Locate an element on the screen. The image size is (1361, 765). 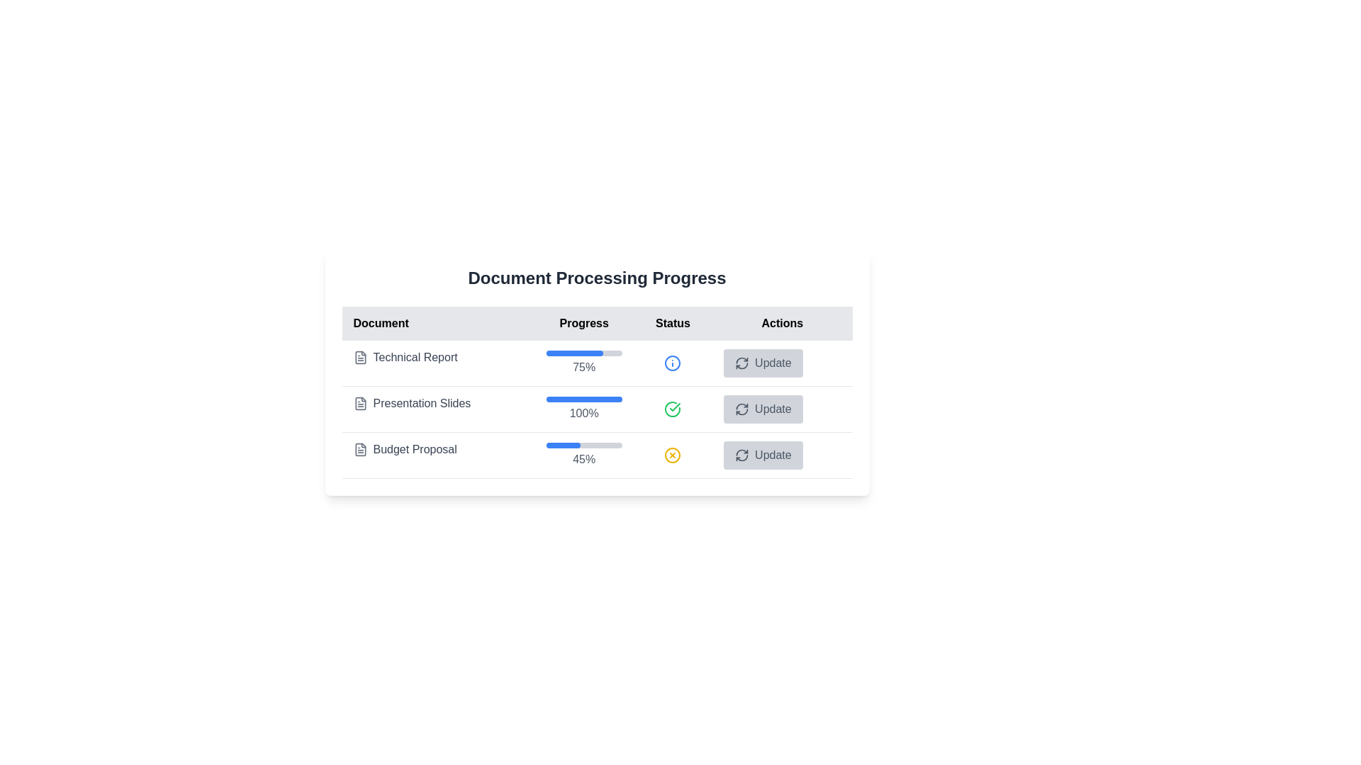
the circular icon with two arrowheads forming a clockwise rotation, located is located at coordinates (741, 409).